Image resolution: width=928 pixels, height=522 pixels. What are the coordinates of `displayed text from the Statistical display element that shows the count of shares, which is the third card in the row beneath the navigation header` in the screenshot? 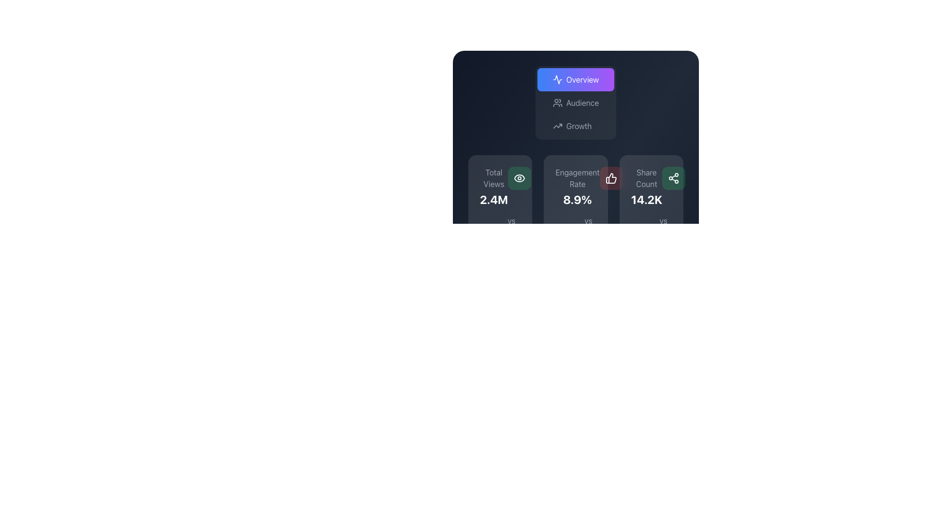 It's located at (651, 187).